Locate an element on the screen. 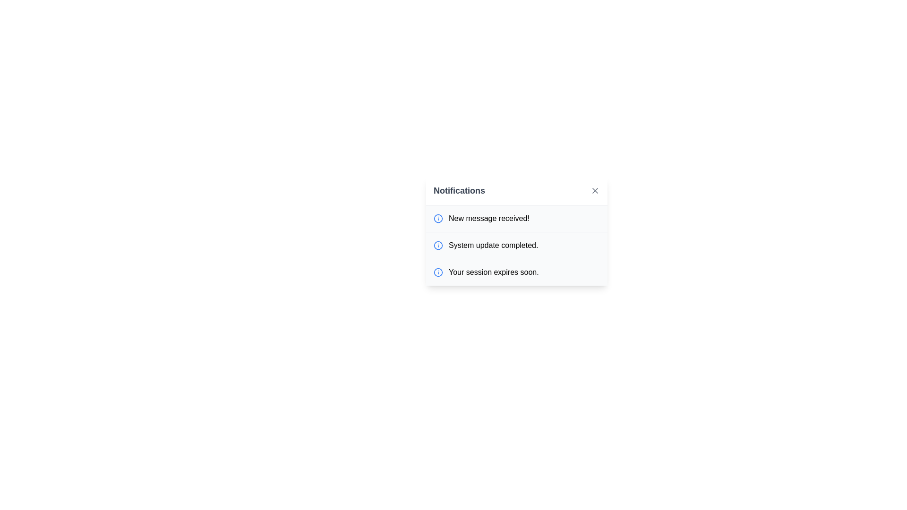 The image size is (907, 510). notification message displayed in the third position of the vertically stacked list of notifications, indicating that the user's session will expire soon is located at coordinates (493, 272).